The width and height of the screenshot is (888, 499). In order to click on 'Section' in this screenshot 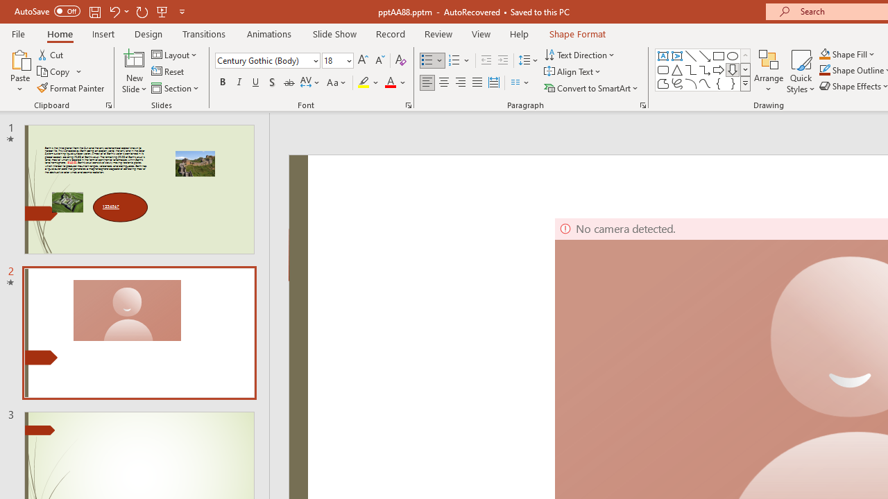, I will do `click(176, 88)`.